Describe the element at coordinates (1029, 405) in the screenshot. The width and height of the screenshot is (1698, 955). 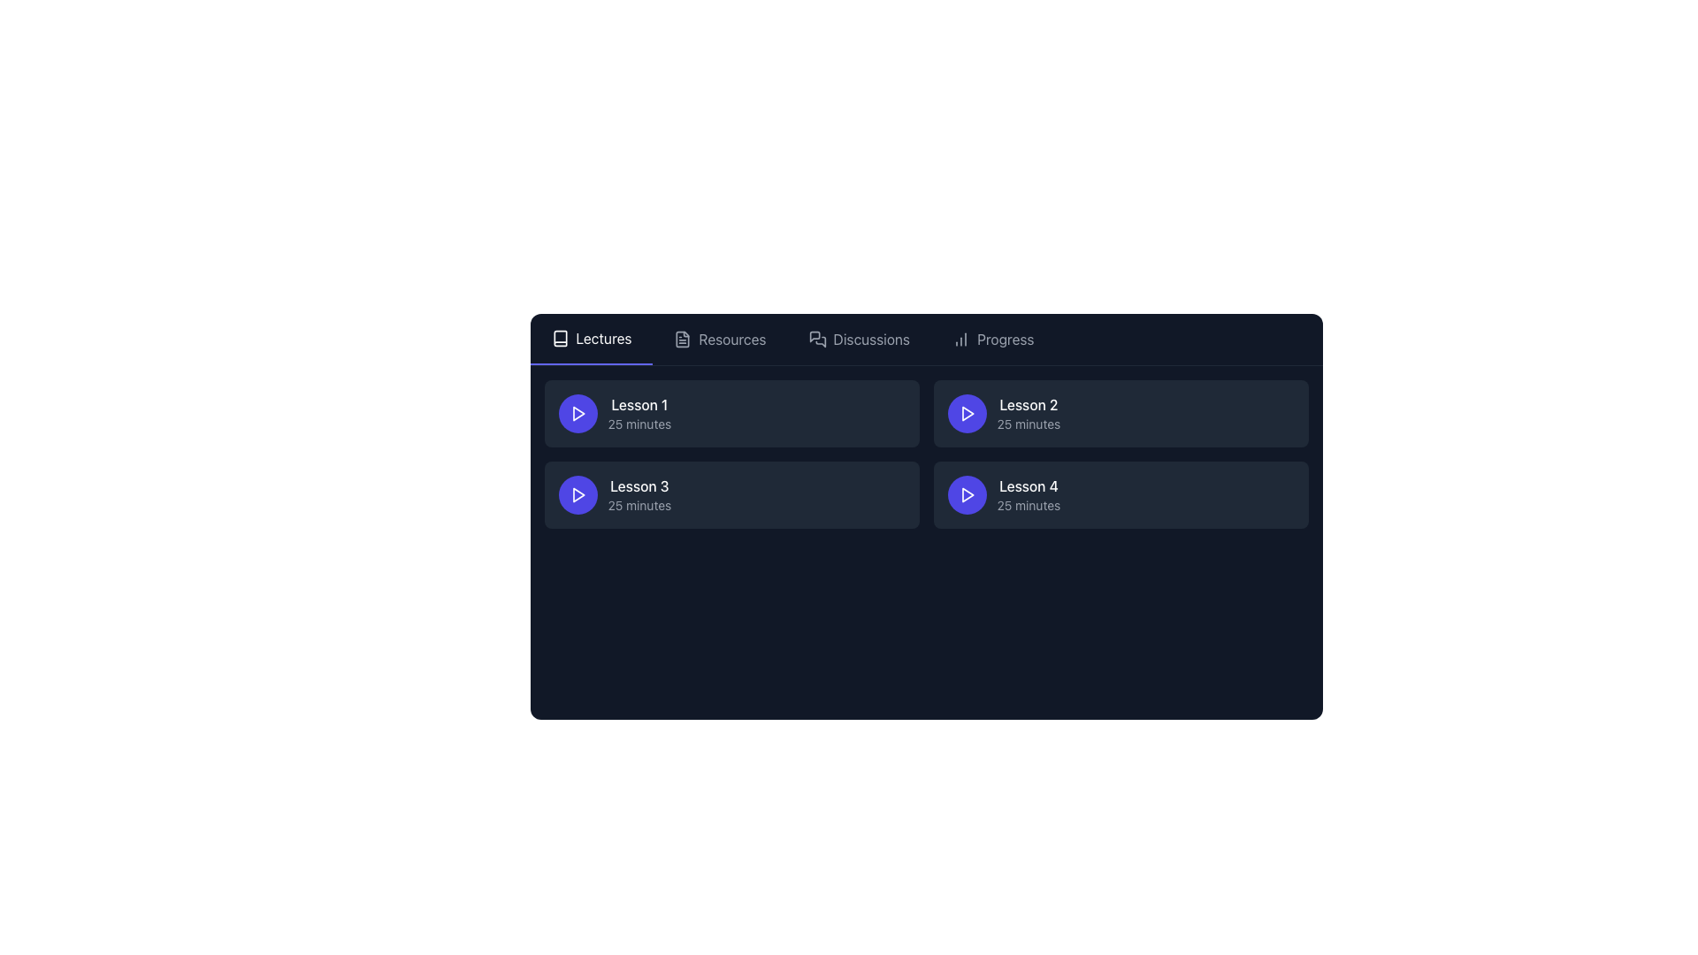
I see `the text label reading 'Lesson 2' which is styled with white text in a medium font weight, located in the top-right section of a dark-themed grid layout` at that location.